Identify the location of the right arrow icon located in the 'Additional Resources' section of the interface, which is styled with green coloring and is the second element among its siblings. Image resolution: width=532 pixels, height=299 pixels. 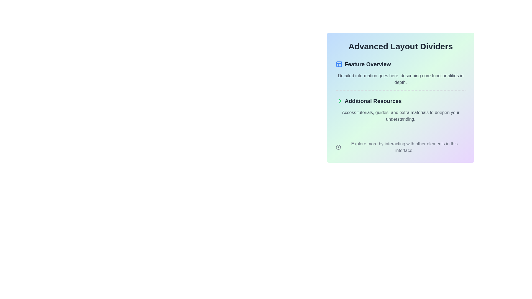
(340, 101).